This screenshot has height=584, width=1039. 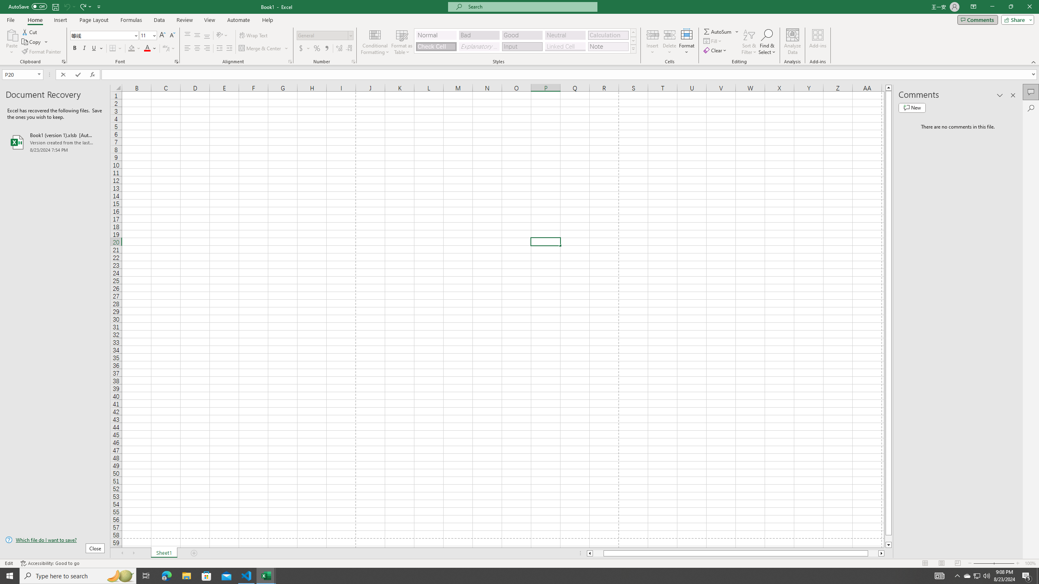 I want to click on 'Orientation', so click(x=222, y=35).